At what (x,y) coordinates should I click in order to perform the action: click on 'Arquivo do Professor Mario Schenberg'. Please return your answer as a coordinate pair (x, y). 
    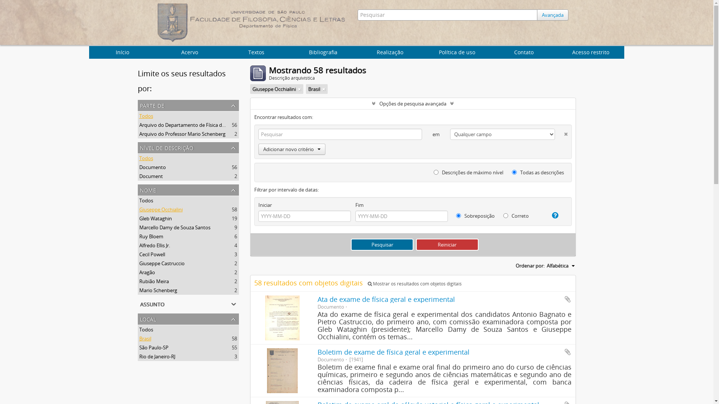
    Looking at the image, I should click on (139, 134).